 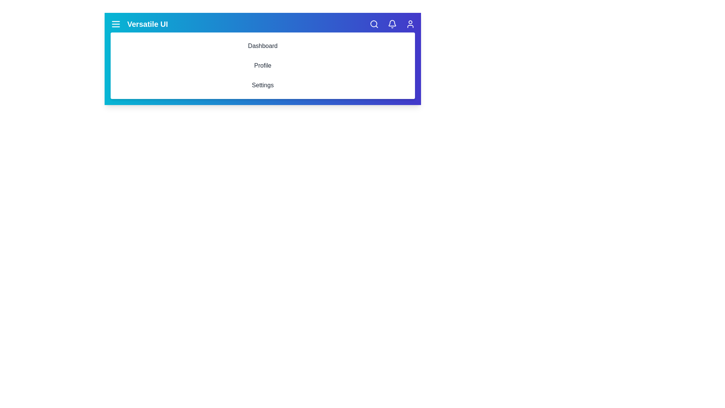 I want to click on the user icon to access user-related options, so click(x=410, y=24).